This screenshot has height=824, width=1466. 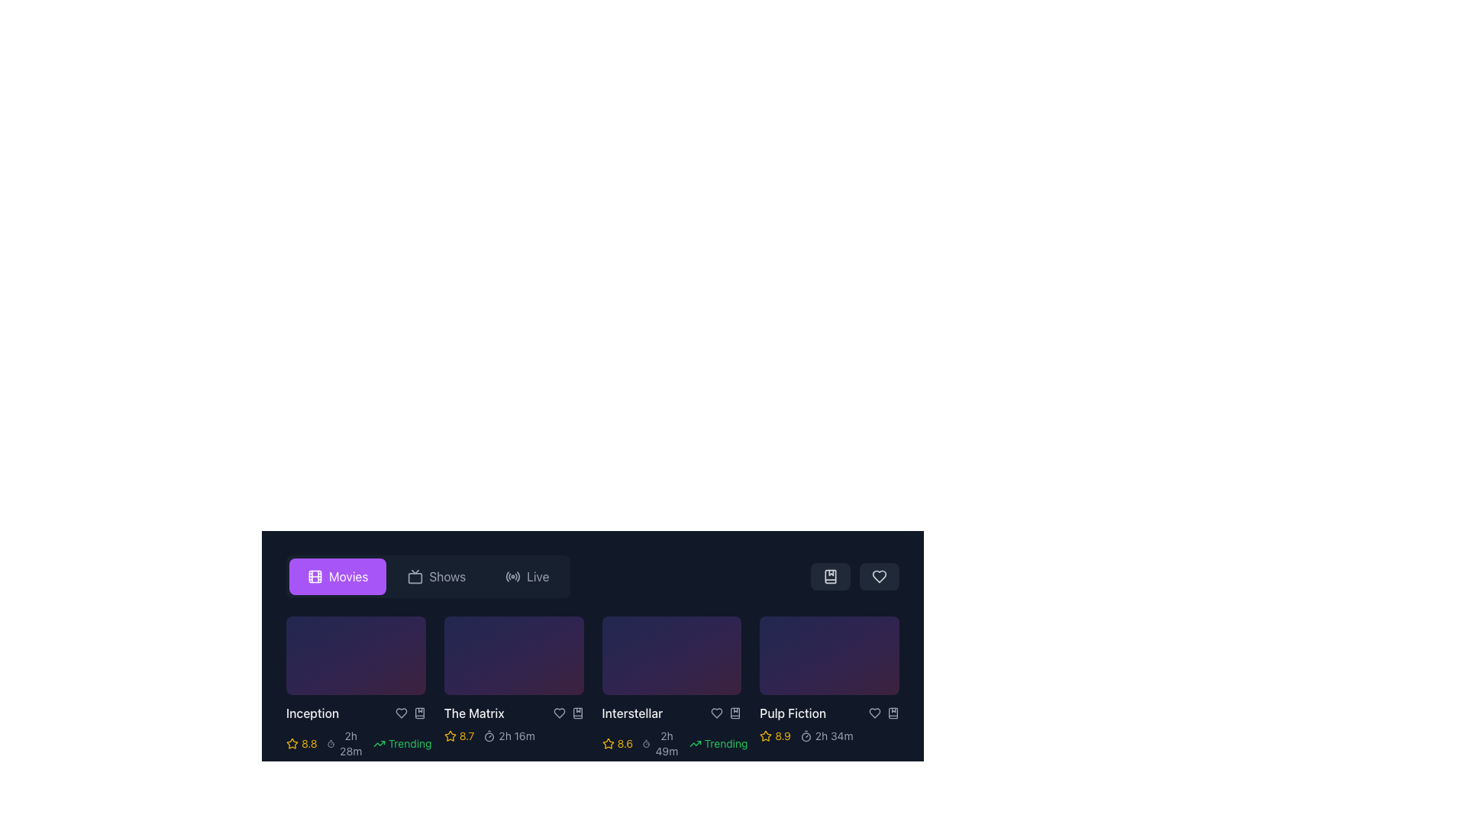 What do you see at coordinates (880, 577) in the screenshot?
I see `the favorite icon button located` at bounding box center [880, 577].